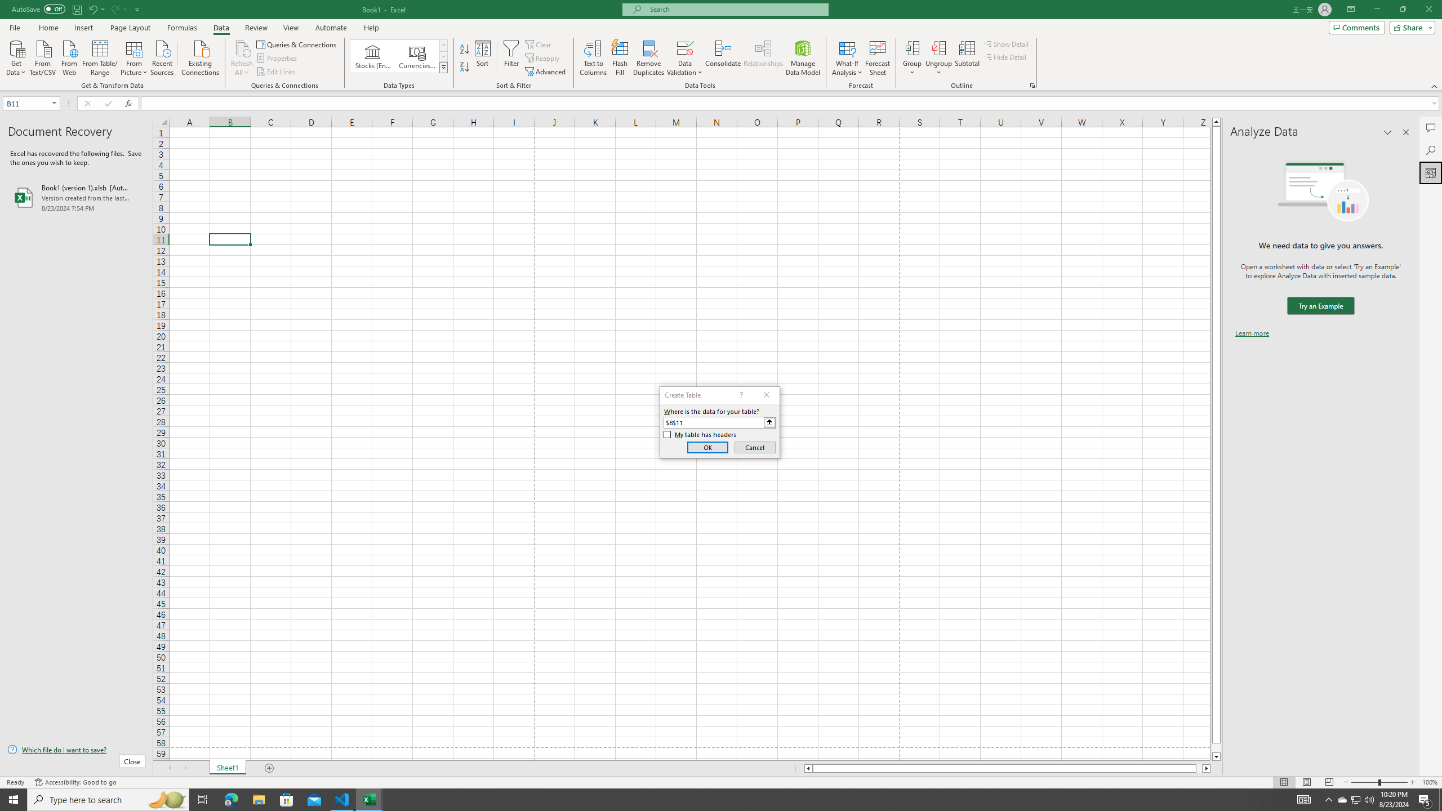 Image resolution: width=1442 pixels, height=811 pixels. I want to click on 'Group...', so click(912, 47).